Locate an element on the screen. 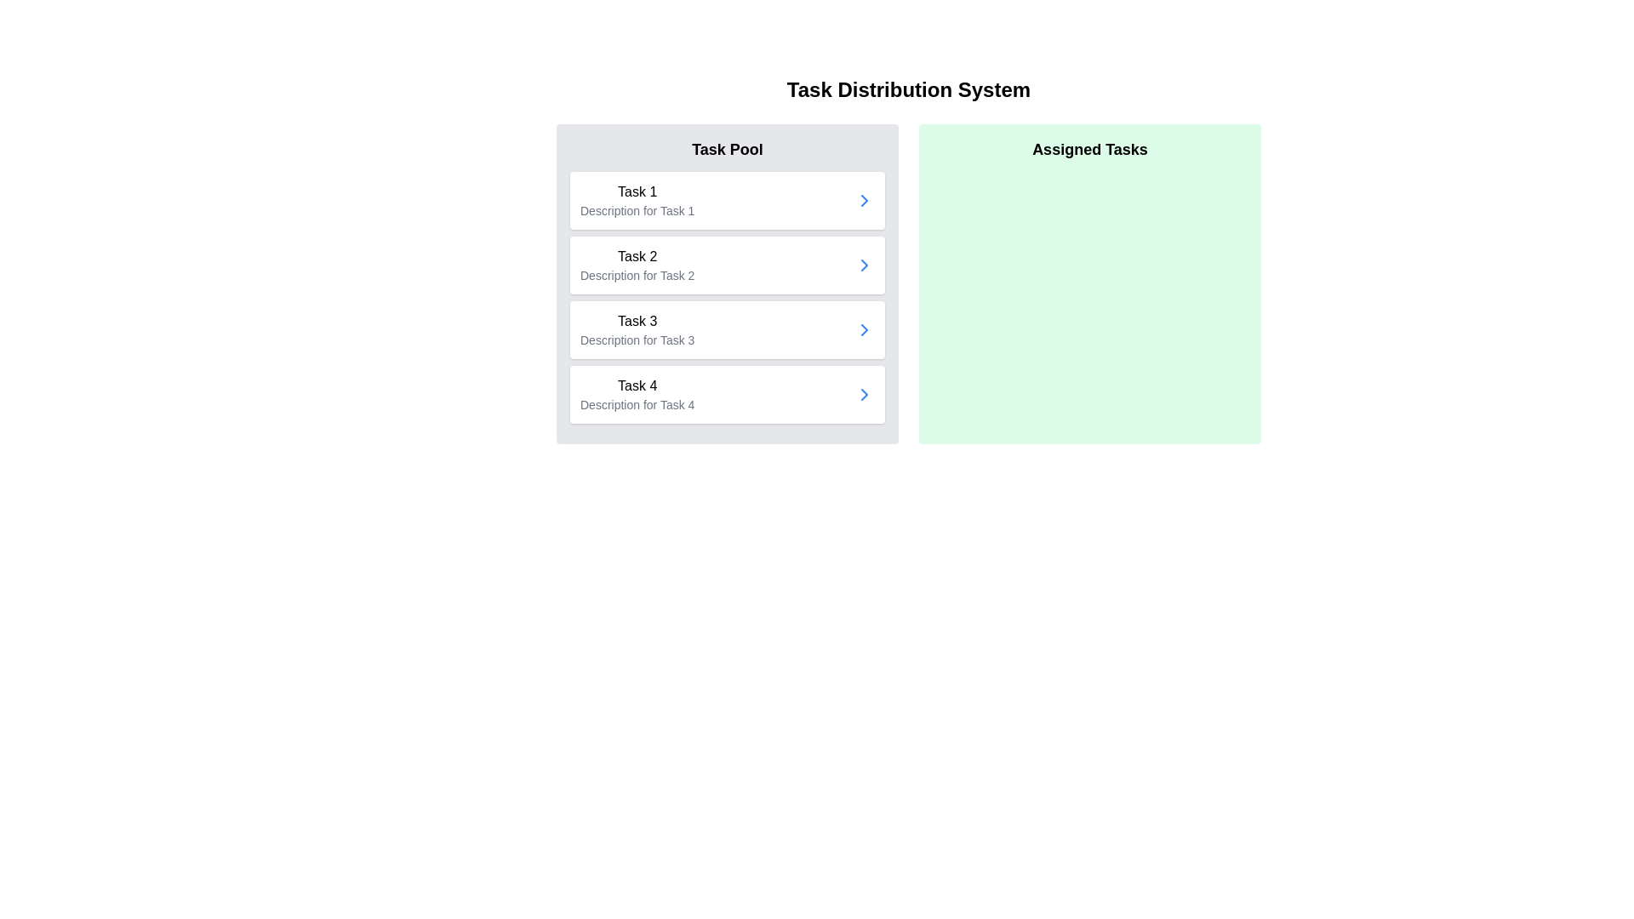 The image size is (1634, 919). the heading text for 'Task 4', which is the fourth item in the 'Task Pool' list, located above its description is located at coordinates (637, 386).